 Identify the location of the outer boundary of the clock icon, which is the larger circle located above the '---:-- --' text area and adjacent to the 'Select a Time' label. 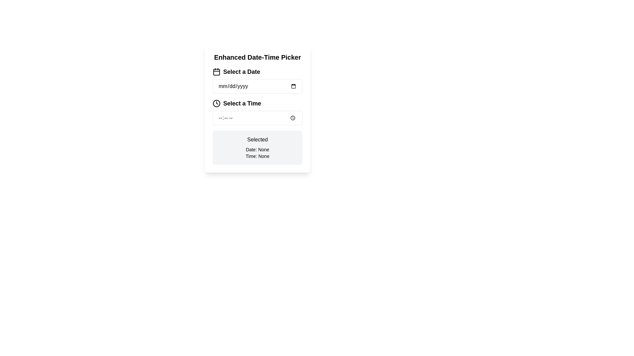
(217, 103).